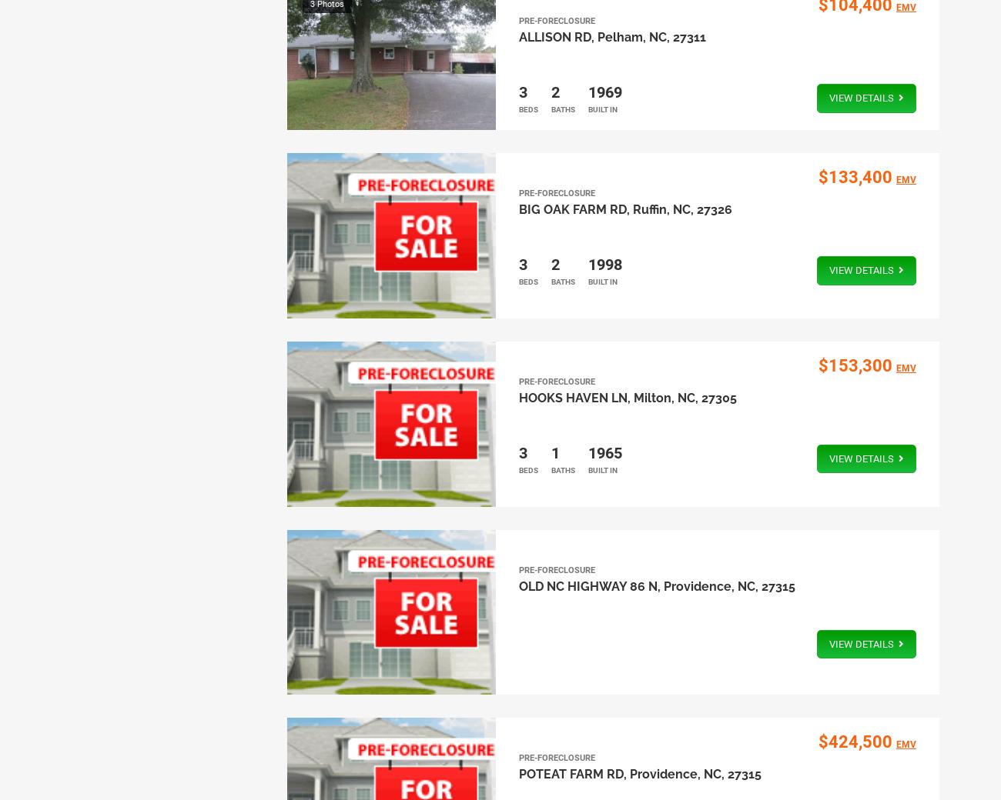  I want to click on 'Milton, NC, 27305', so click(683, 398).